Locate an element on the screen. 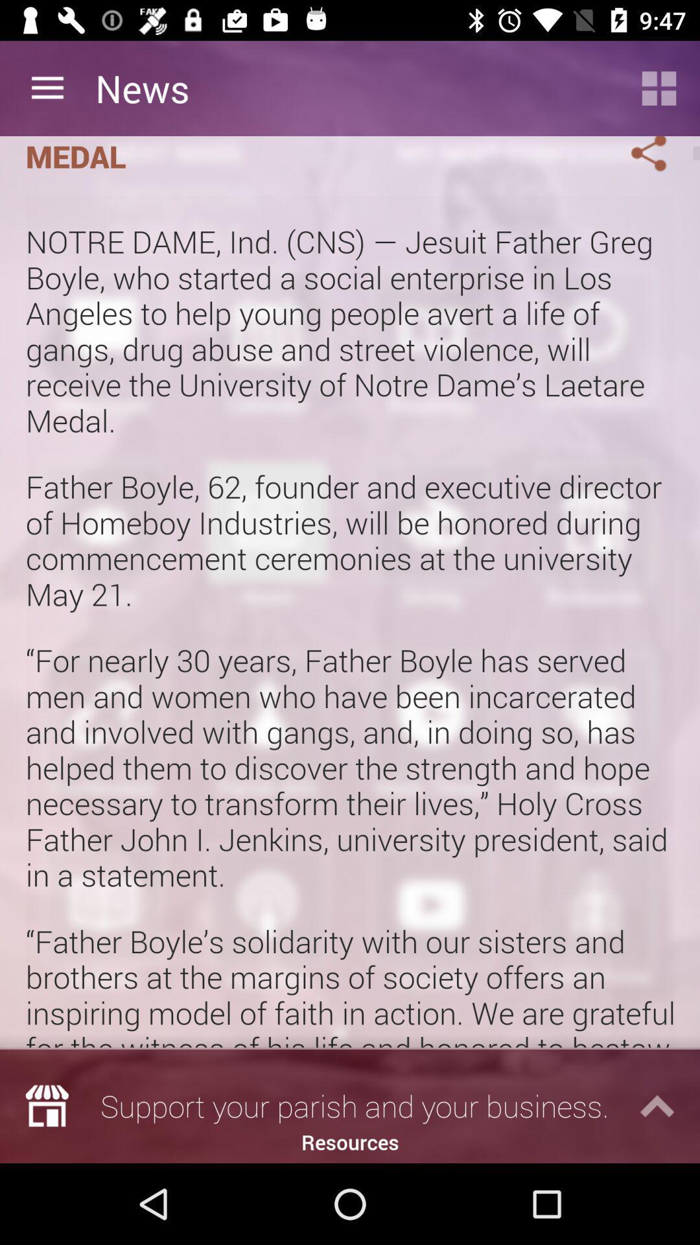  the icon next to news item is located at coordinates (659, 88).